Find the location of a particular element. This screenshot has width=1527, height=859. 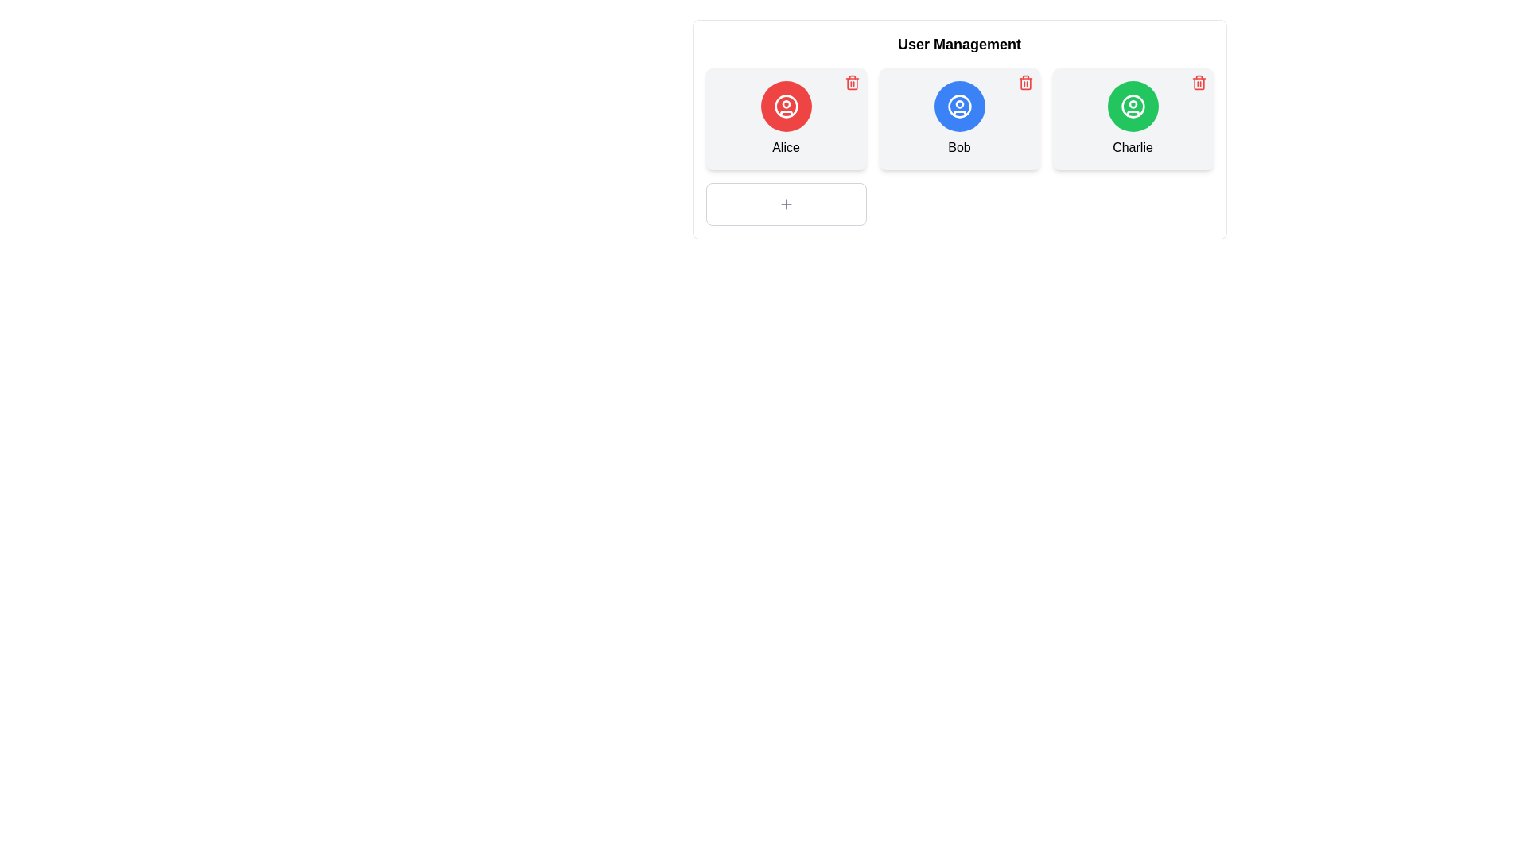

the white outline of a circular user icon set against a green circular background, located in the third card of the 'User Management' section, representing 'Charlie' is located at coordinates (1132, 107).